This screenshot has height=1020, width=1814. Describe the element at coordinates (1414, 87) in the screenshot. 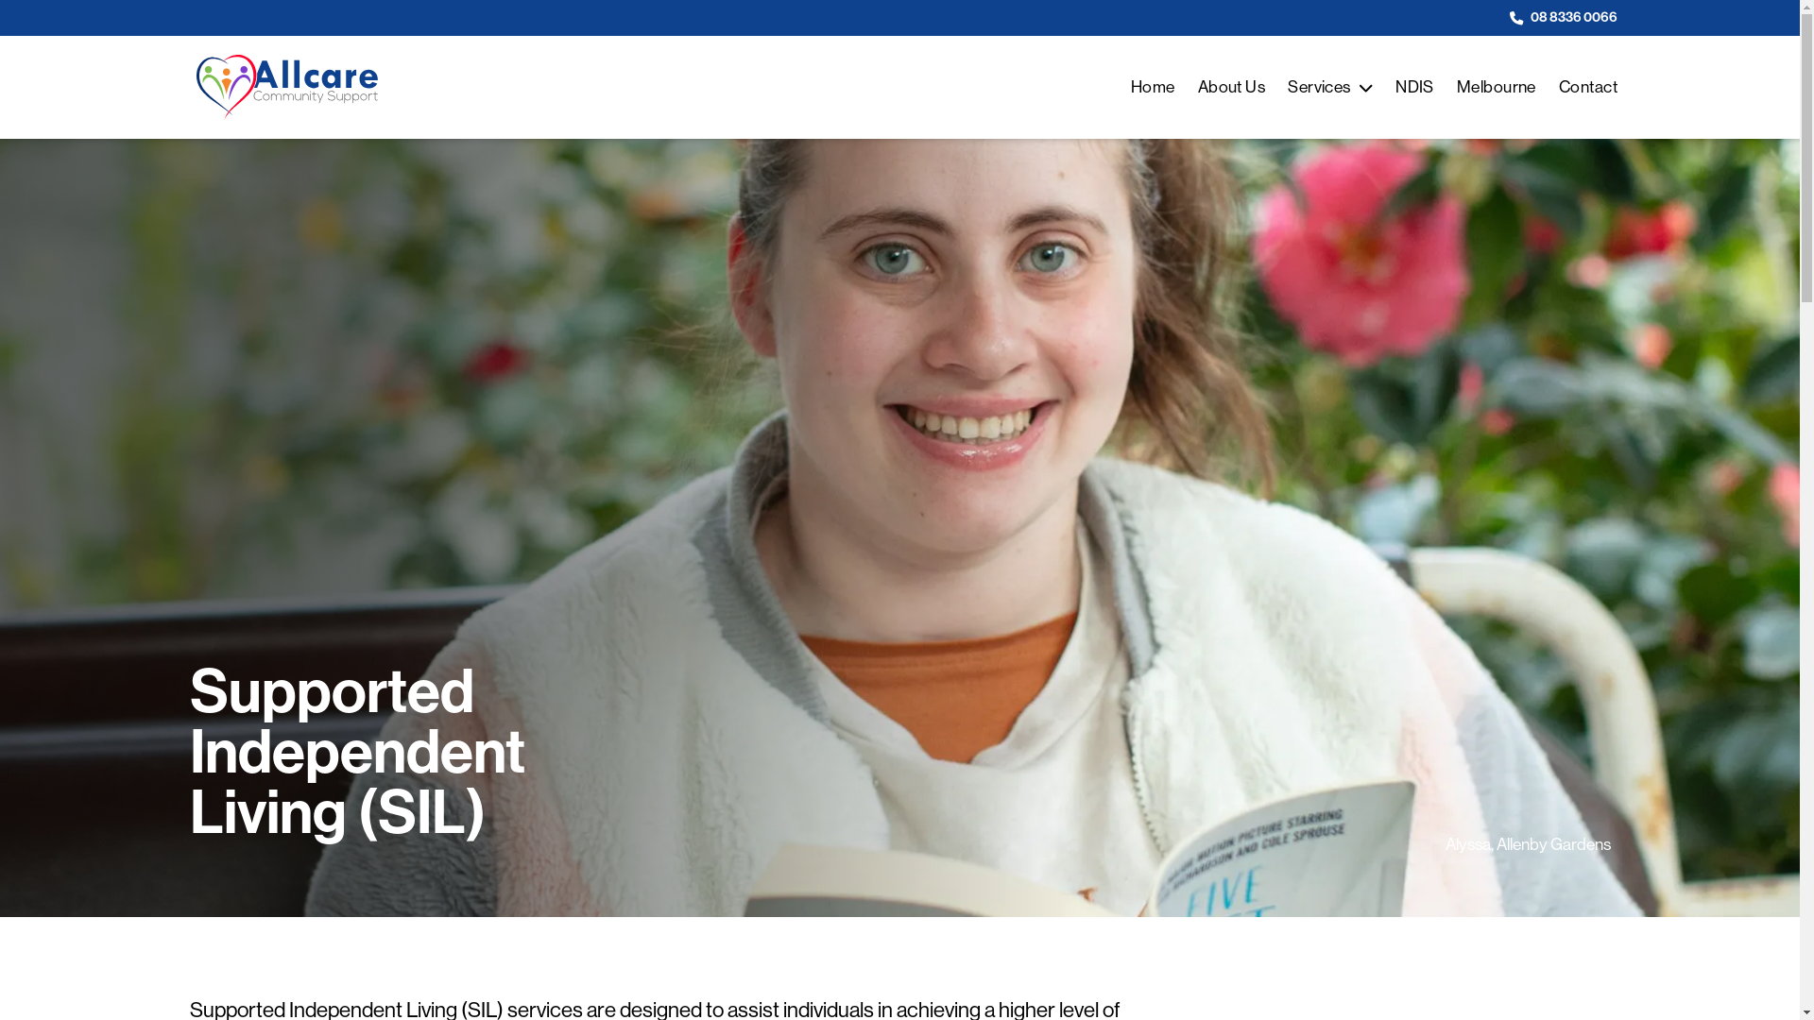

I see `'NDIS'` at that location.